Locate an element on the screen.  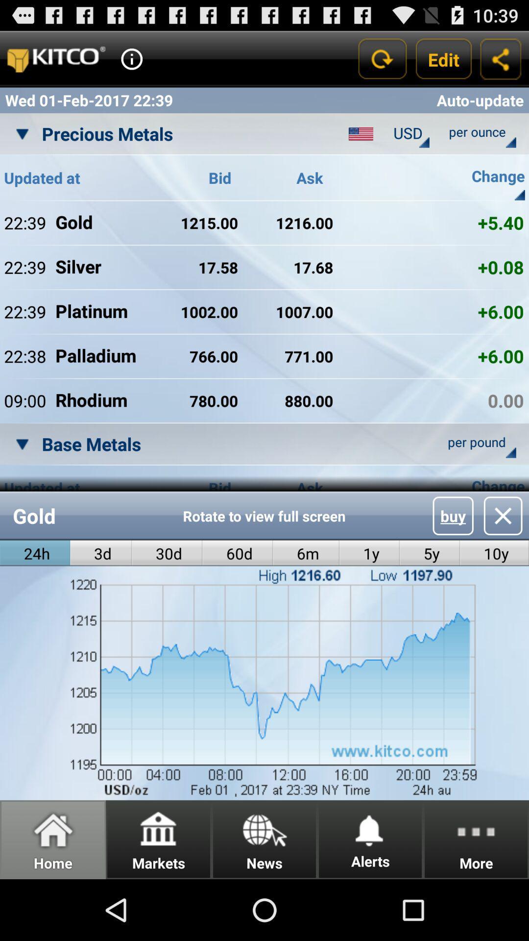
icon above the 10y icon is located at coordinates (503, 515).